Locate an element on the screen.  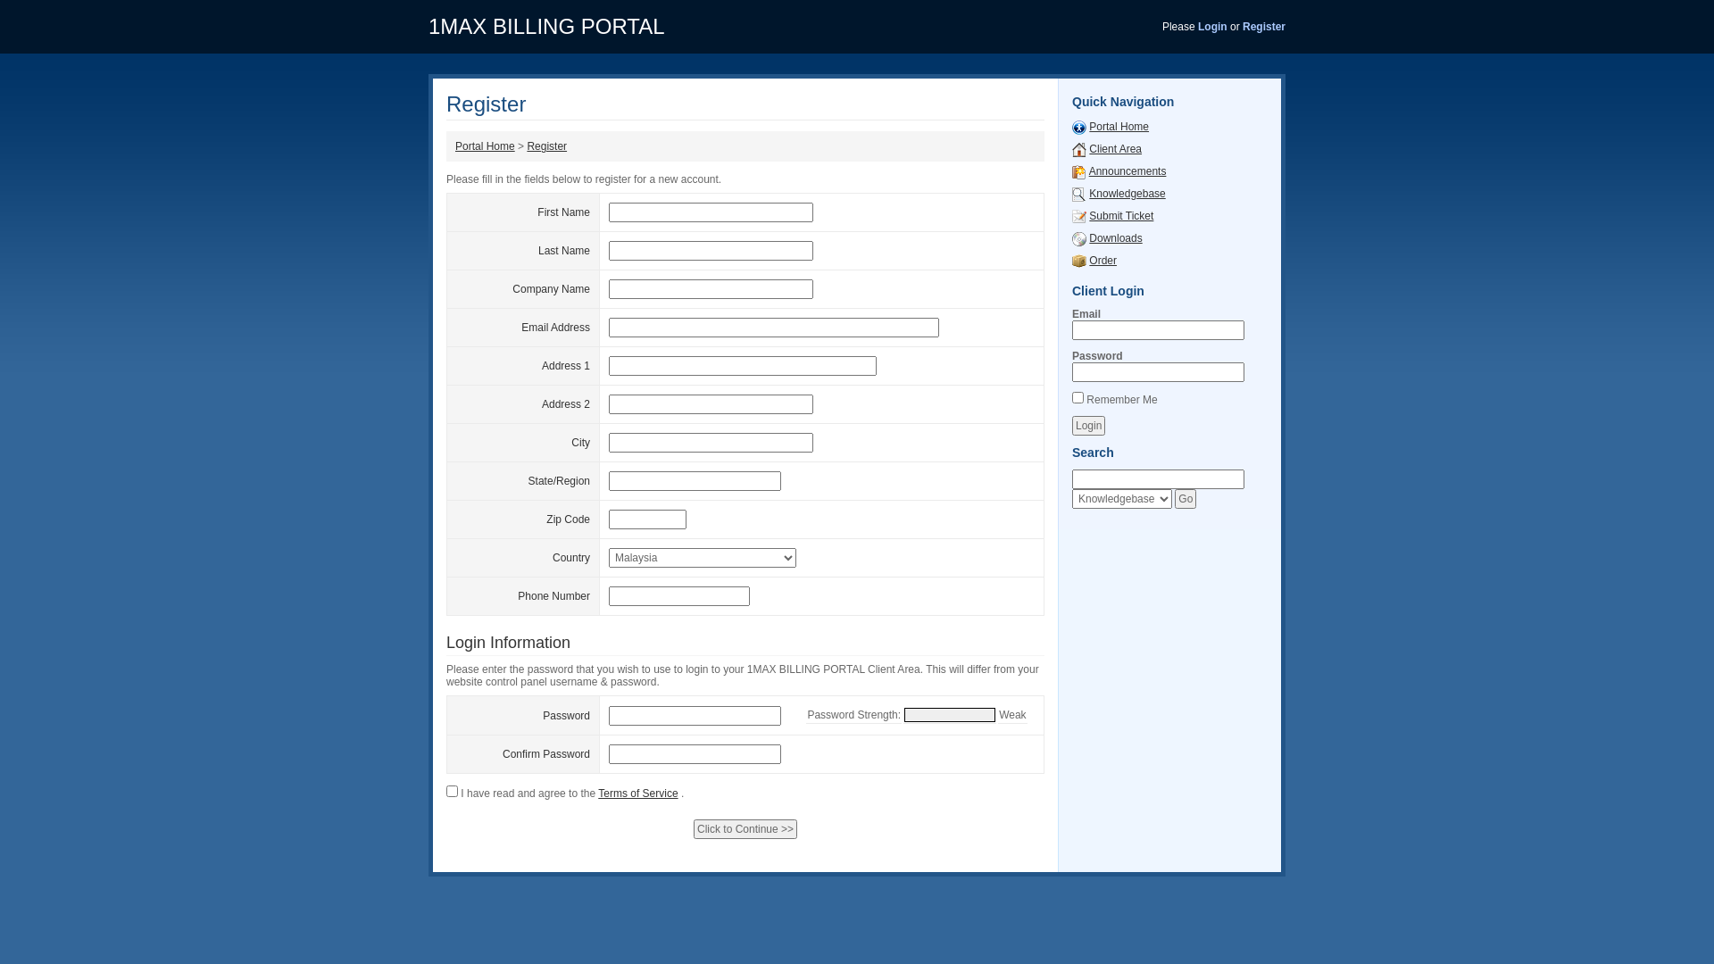
'Downloads' is located at coordinates (1078, 237).